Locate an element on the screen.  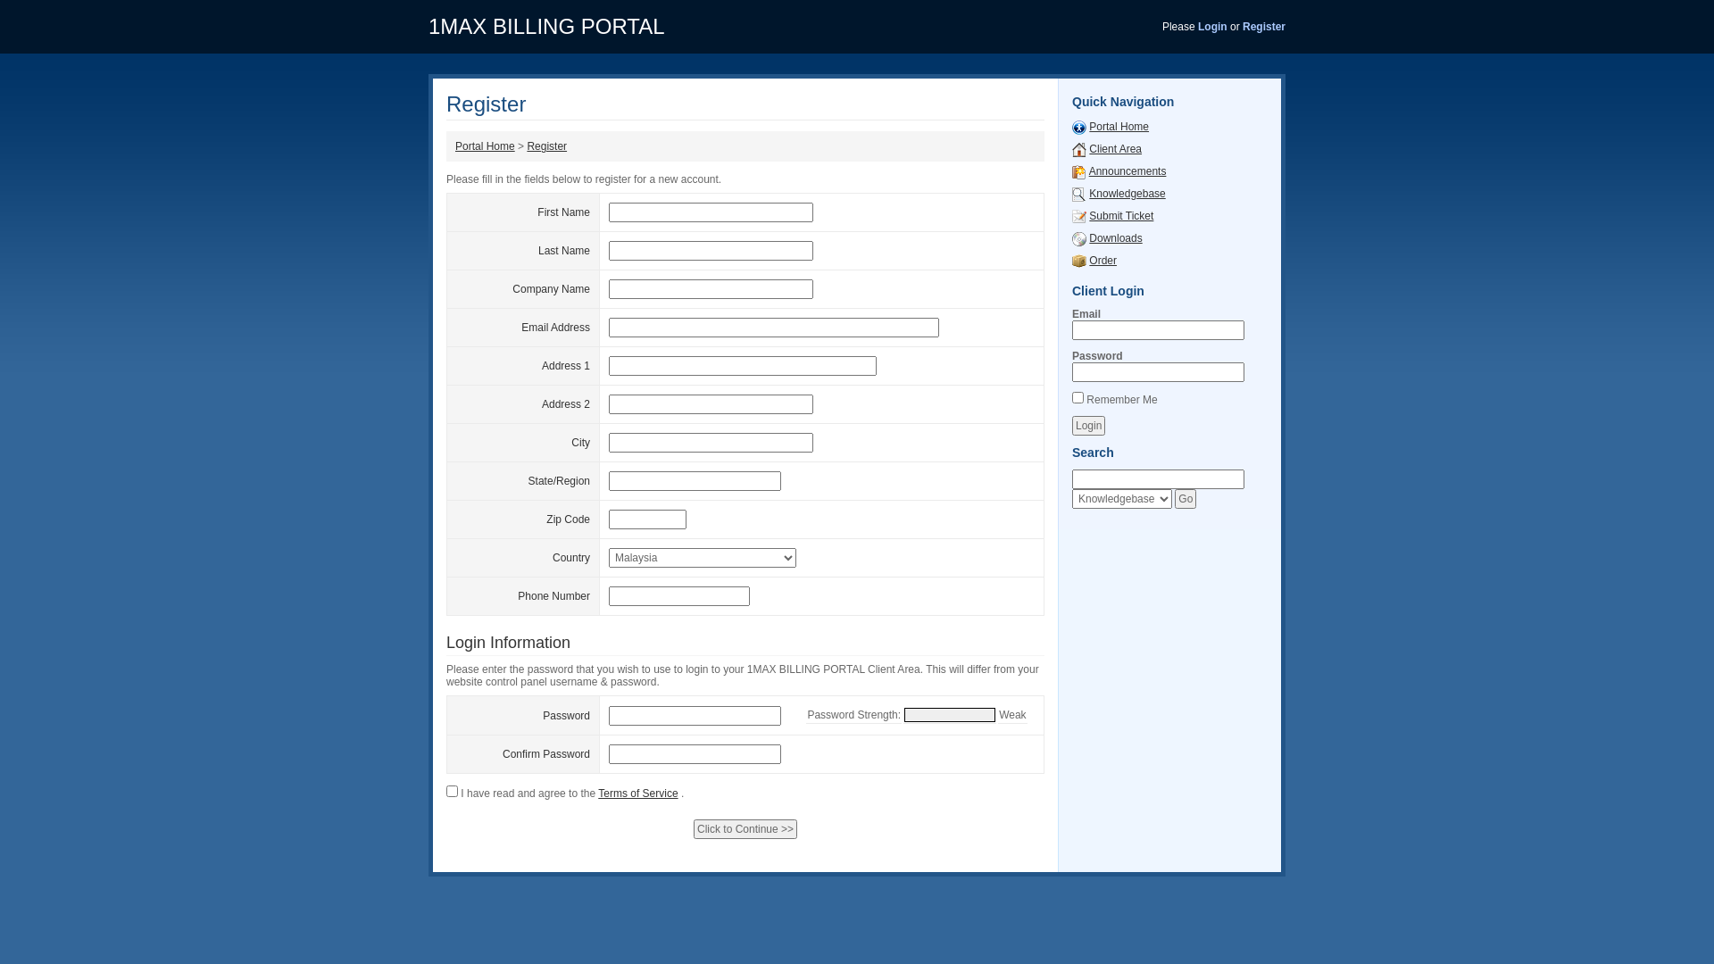
'Downloads' is located at coordinates (1078, 237).